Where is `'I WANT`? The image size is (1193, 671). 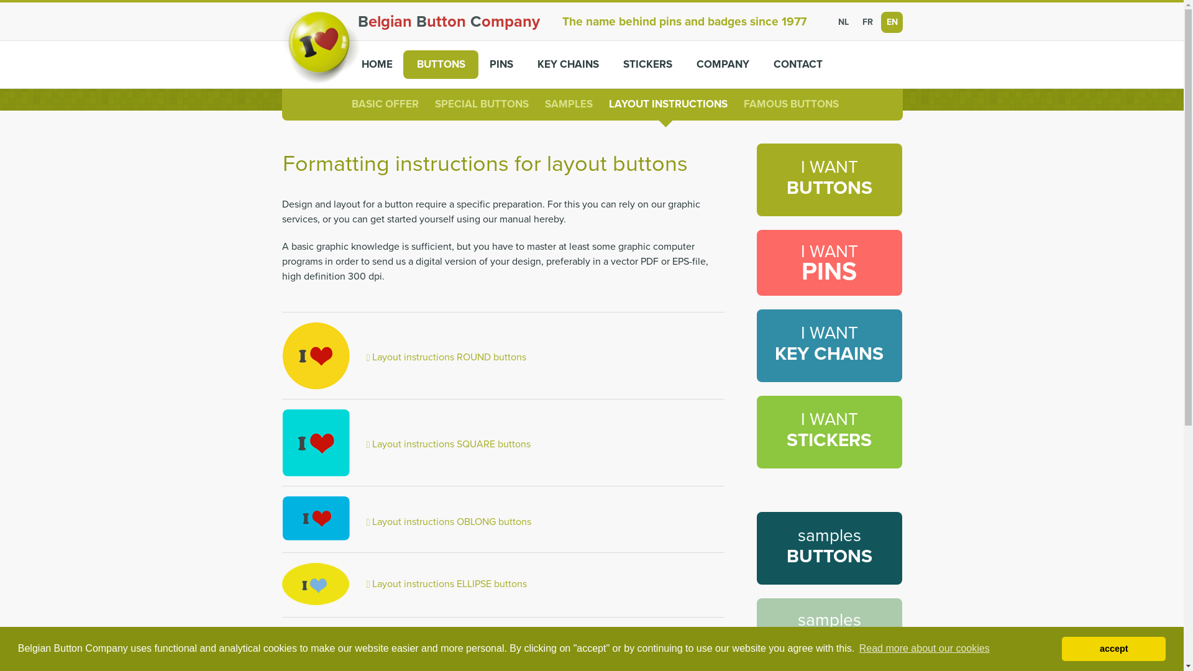
'I WANT is located at coordinates (829, 180).